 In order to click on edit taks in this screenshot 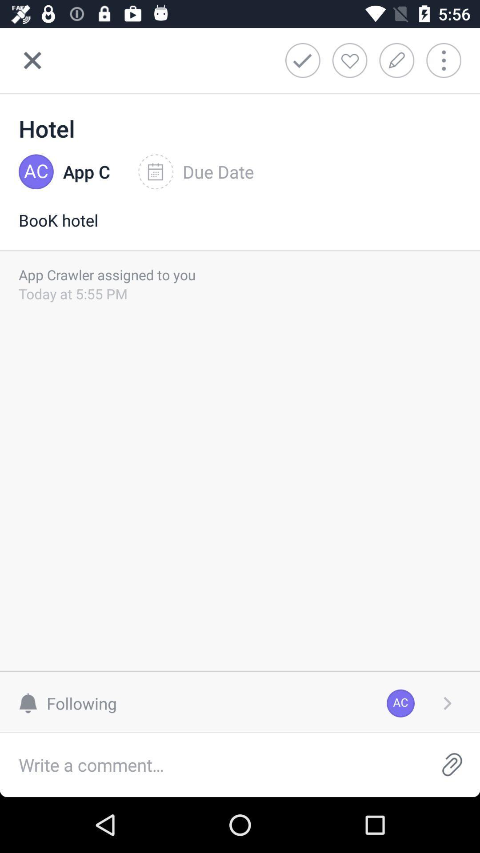, I will do `click(399, 60)`.